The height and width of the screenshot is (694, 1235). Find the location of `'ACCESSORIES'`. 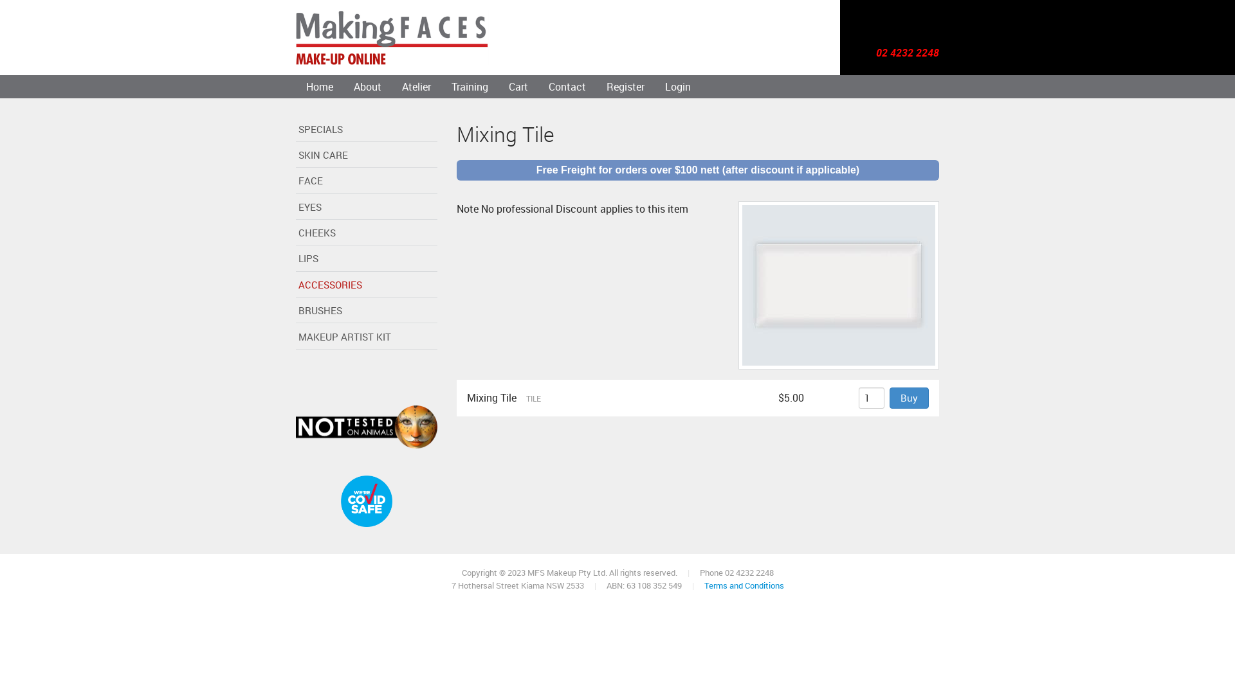

'ACCESSORIES' is located at coordinates (366, 285).